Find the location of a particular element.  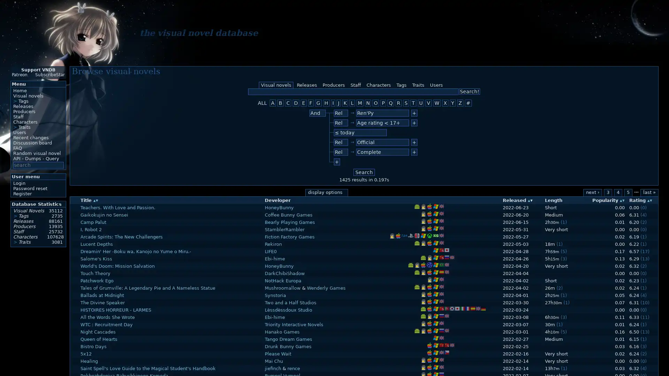

Q is located at coordinates (391, 103).